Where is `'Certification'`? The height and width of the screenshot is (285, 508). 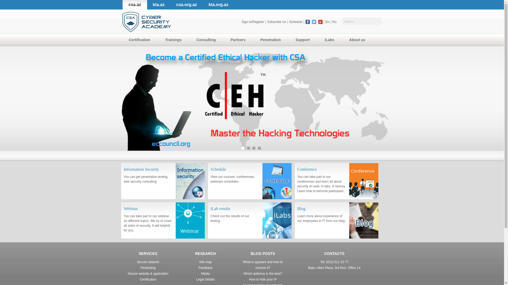 'Certification' is located at coordinates (140, 40).